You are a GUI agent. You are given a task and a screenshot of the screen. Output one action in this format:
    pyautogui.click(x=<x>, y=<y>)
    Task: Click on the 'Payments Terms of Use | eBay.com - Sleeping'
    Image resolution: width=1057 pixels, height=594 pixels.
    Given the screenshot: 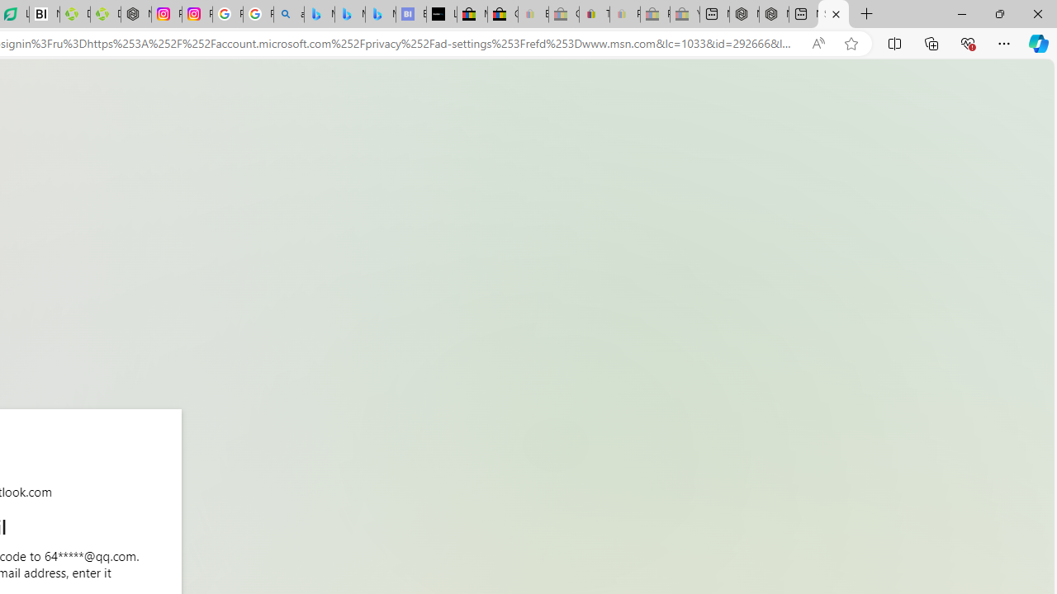 What is the action you would take?
    pyautogui.click(x=623, y=14)
    